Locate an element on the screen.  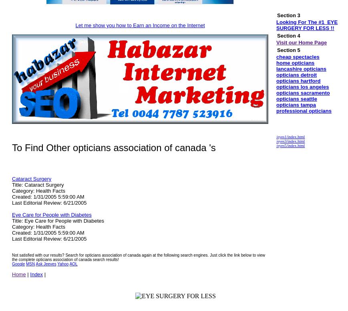
'Eye Care for People with Diabetes' is located at coordinates (51, 215).